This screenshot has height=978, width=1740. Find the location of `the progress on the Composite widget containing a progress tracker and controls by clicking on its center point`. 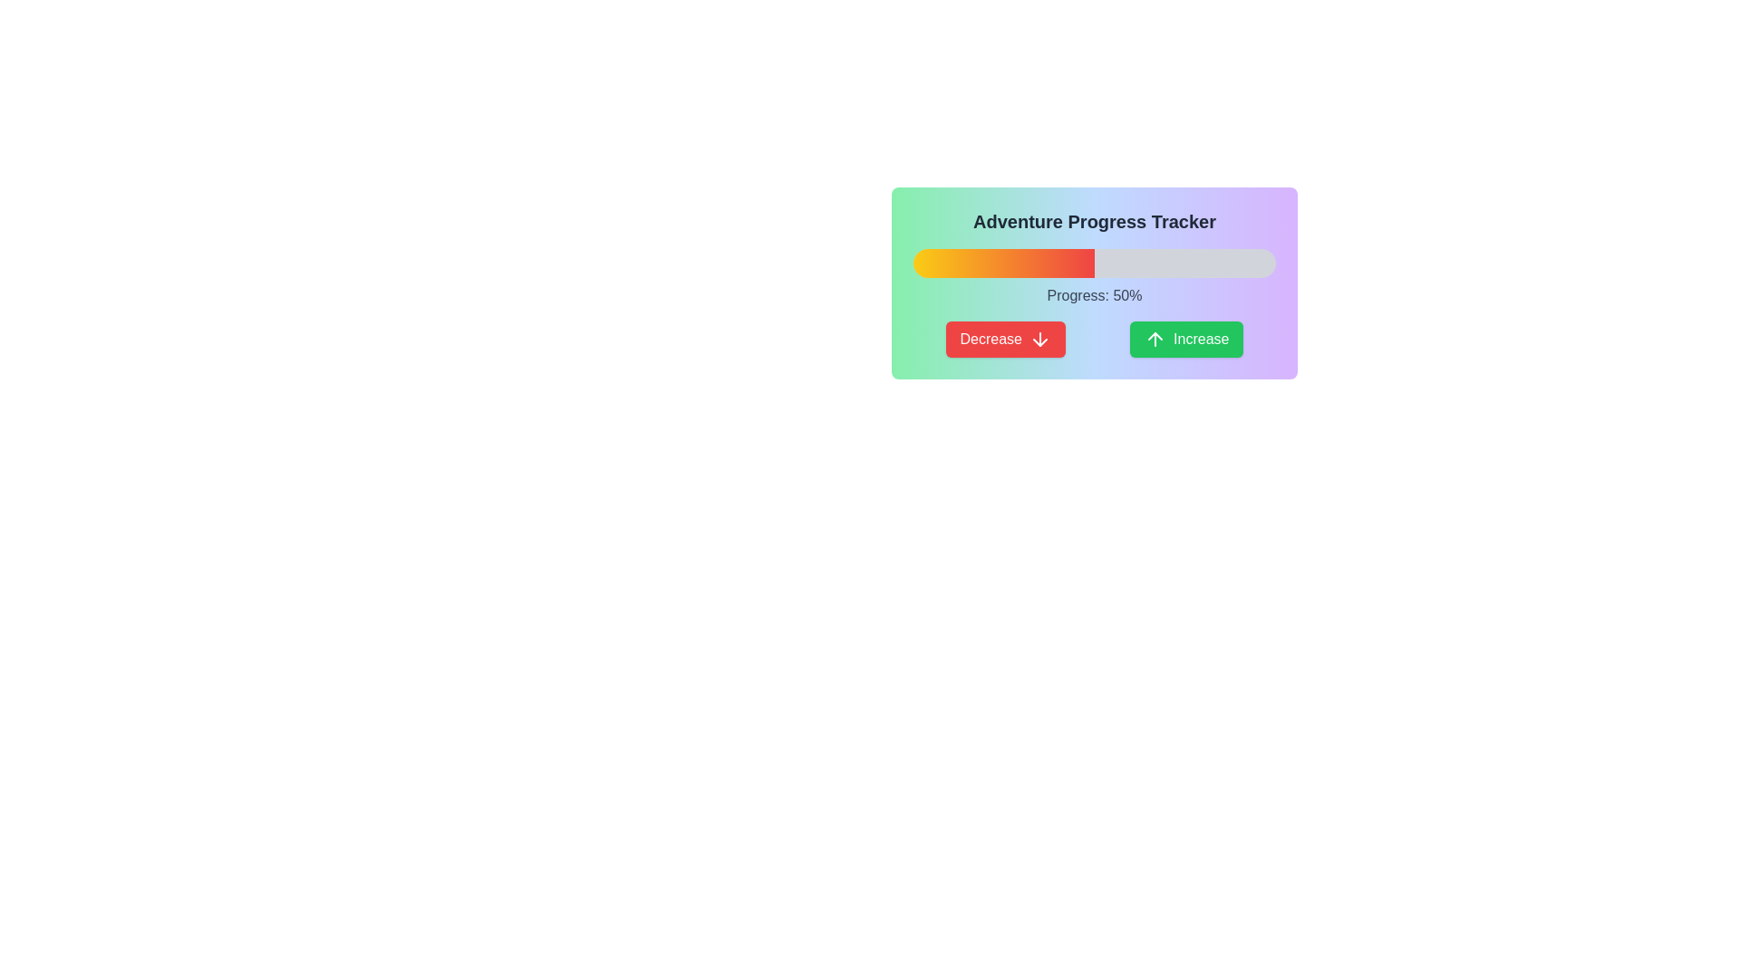

the progress on the Composite widget containing a progress tracker and controls by clicking on its center point is located at coordinates (1094, 283).